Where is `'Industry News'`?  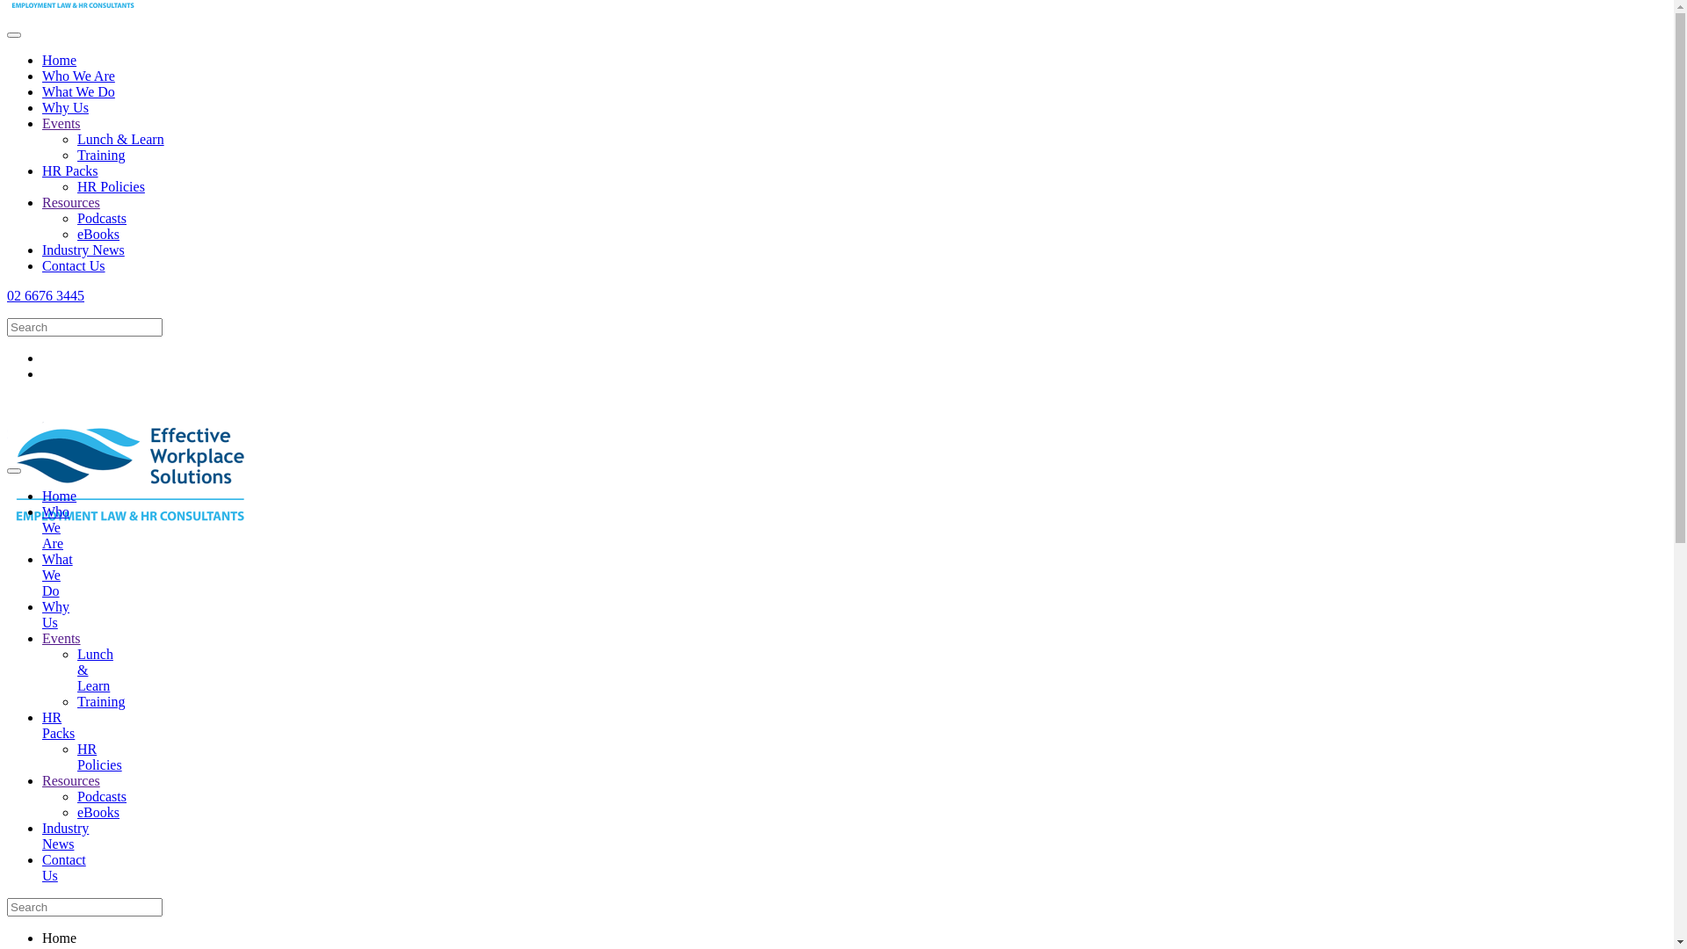 'Industry News' is located at coordinates (65, 835).